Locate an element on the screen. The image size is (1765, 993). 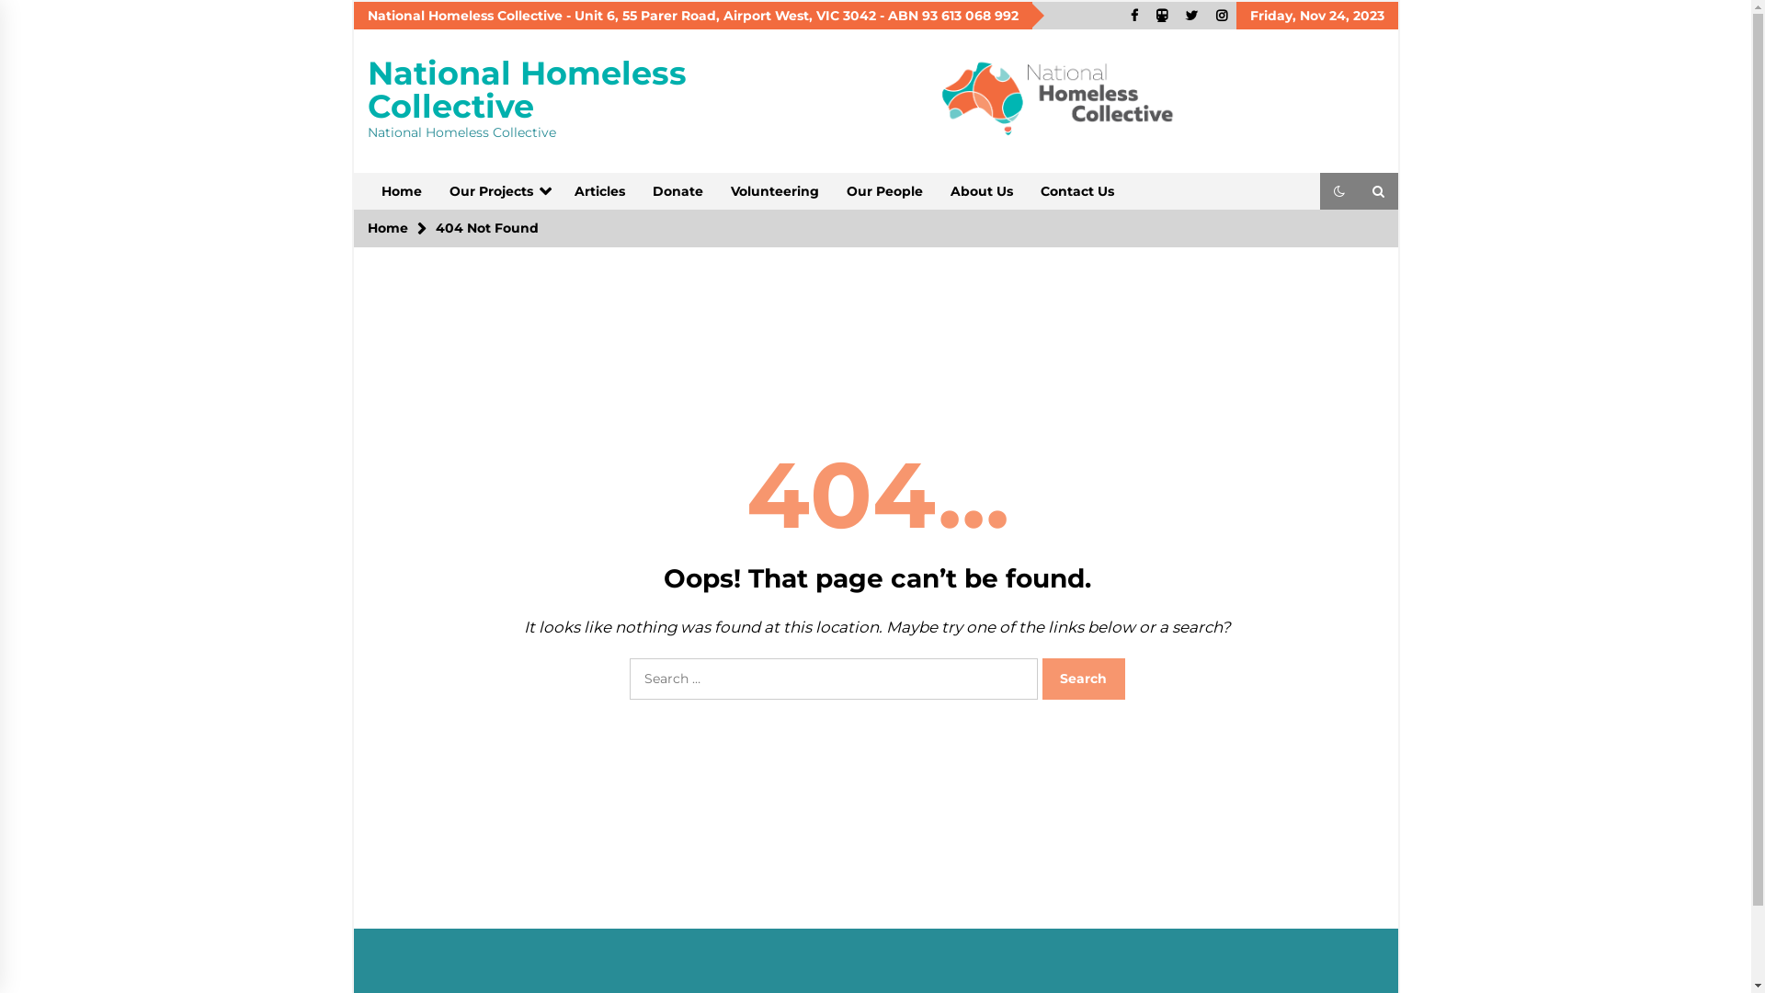
'Our Projects' is located at coordinates (498, 191).